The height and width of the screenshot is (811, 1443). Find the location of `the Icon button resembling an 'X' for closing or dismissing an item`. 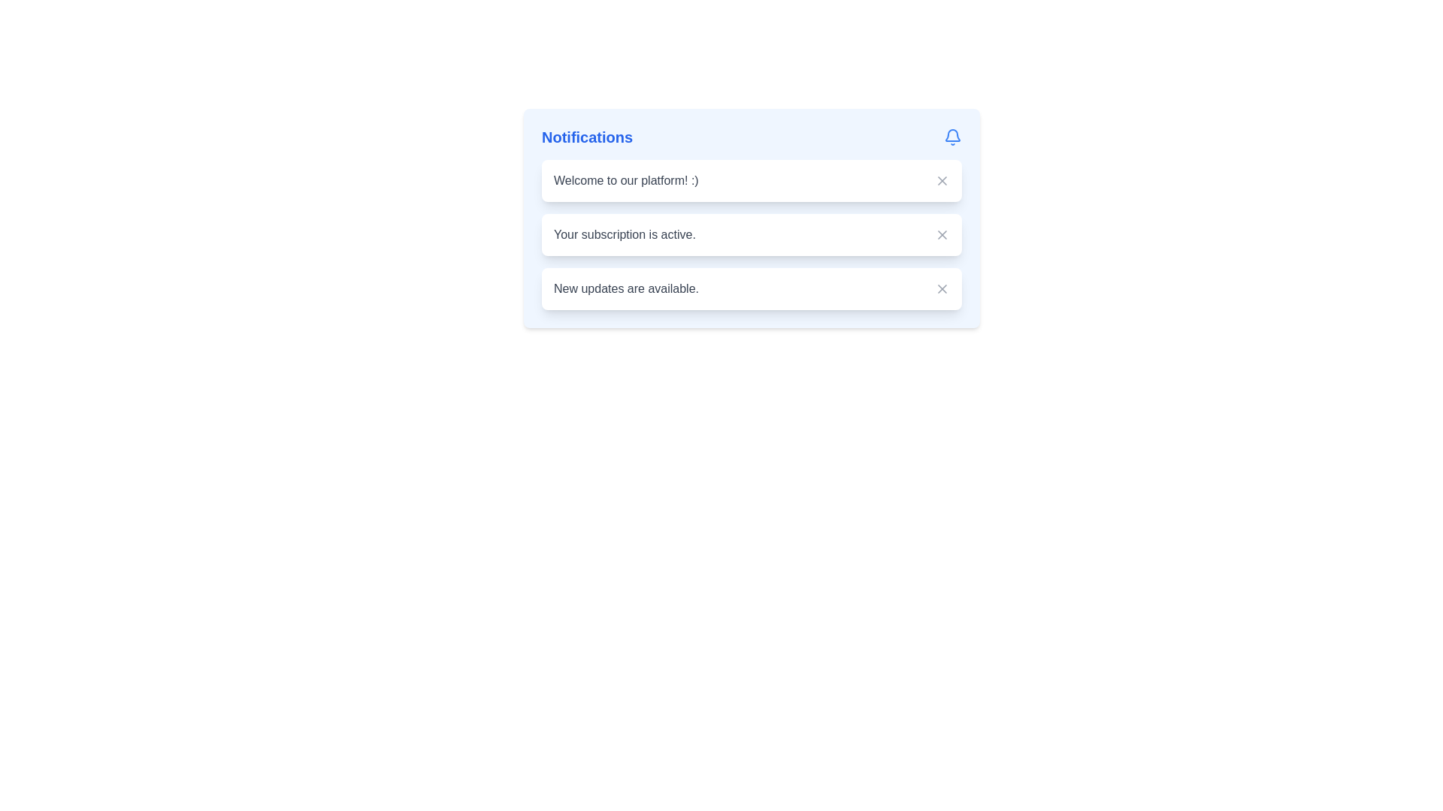

the Icon button resembling an 'X' for closing or dismissing an item is located at coordinates (941, 179).